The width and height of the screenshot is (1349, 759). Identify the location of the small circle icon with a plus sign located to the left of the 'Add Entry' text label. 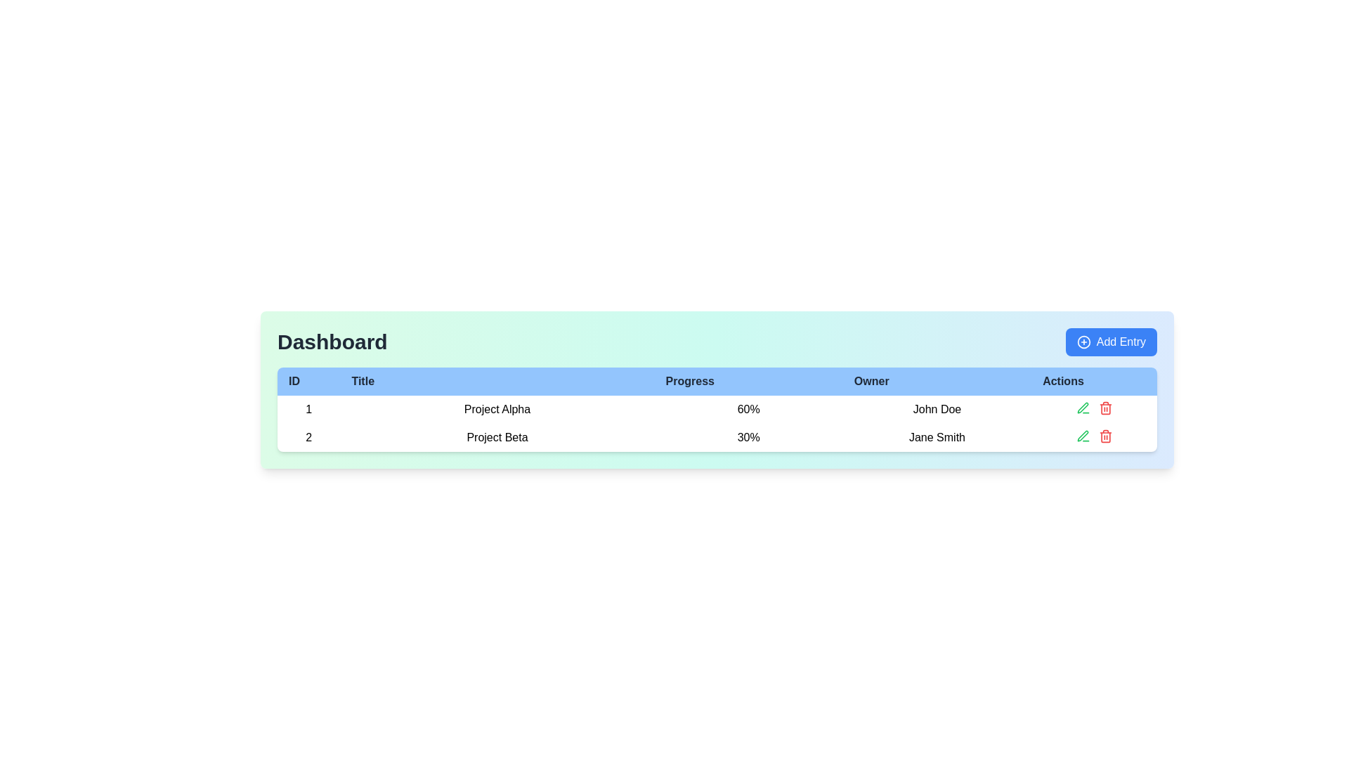
(1083, 342).